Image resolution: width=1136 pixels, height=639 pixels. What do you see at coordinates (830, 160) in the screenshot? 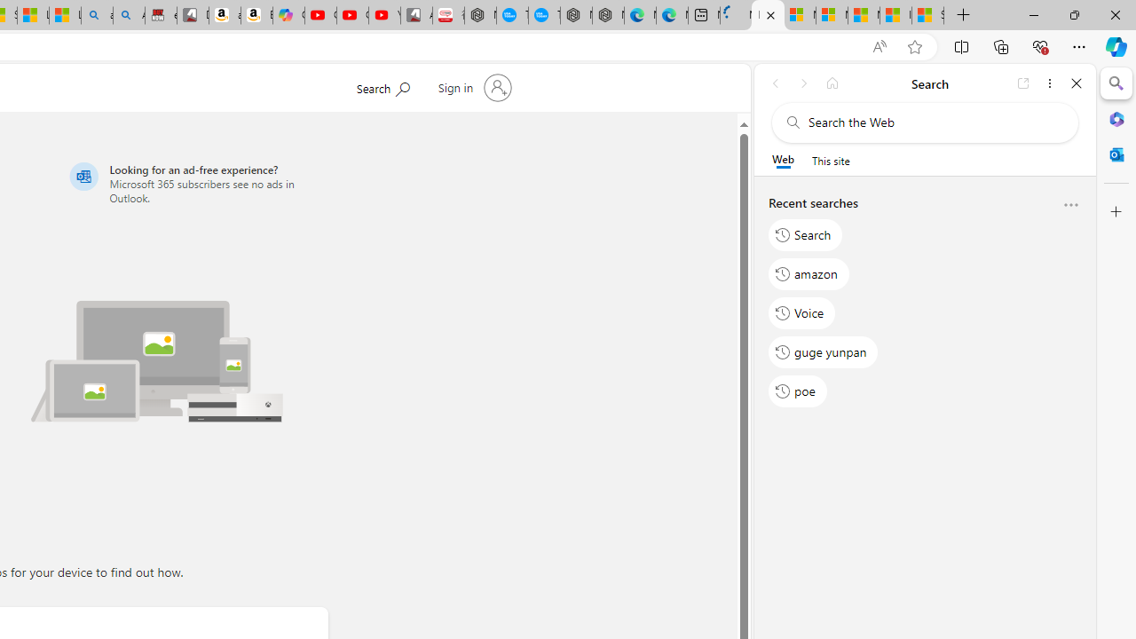
I see `'This site scope'` at bounding box center [830, 160].